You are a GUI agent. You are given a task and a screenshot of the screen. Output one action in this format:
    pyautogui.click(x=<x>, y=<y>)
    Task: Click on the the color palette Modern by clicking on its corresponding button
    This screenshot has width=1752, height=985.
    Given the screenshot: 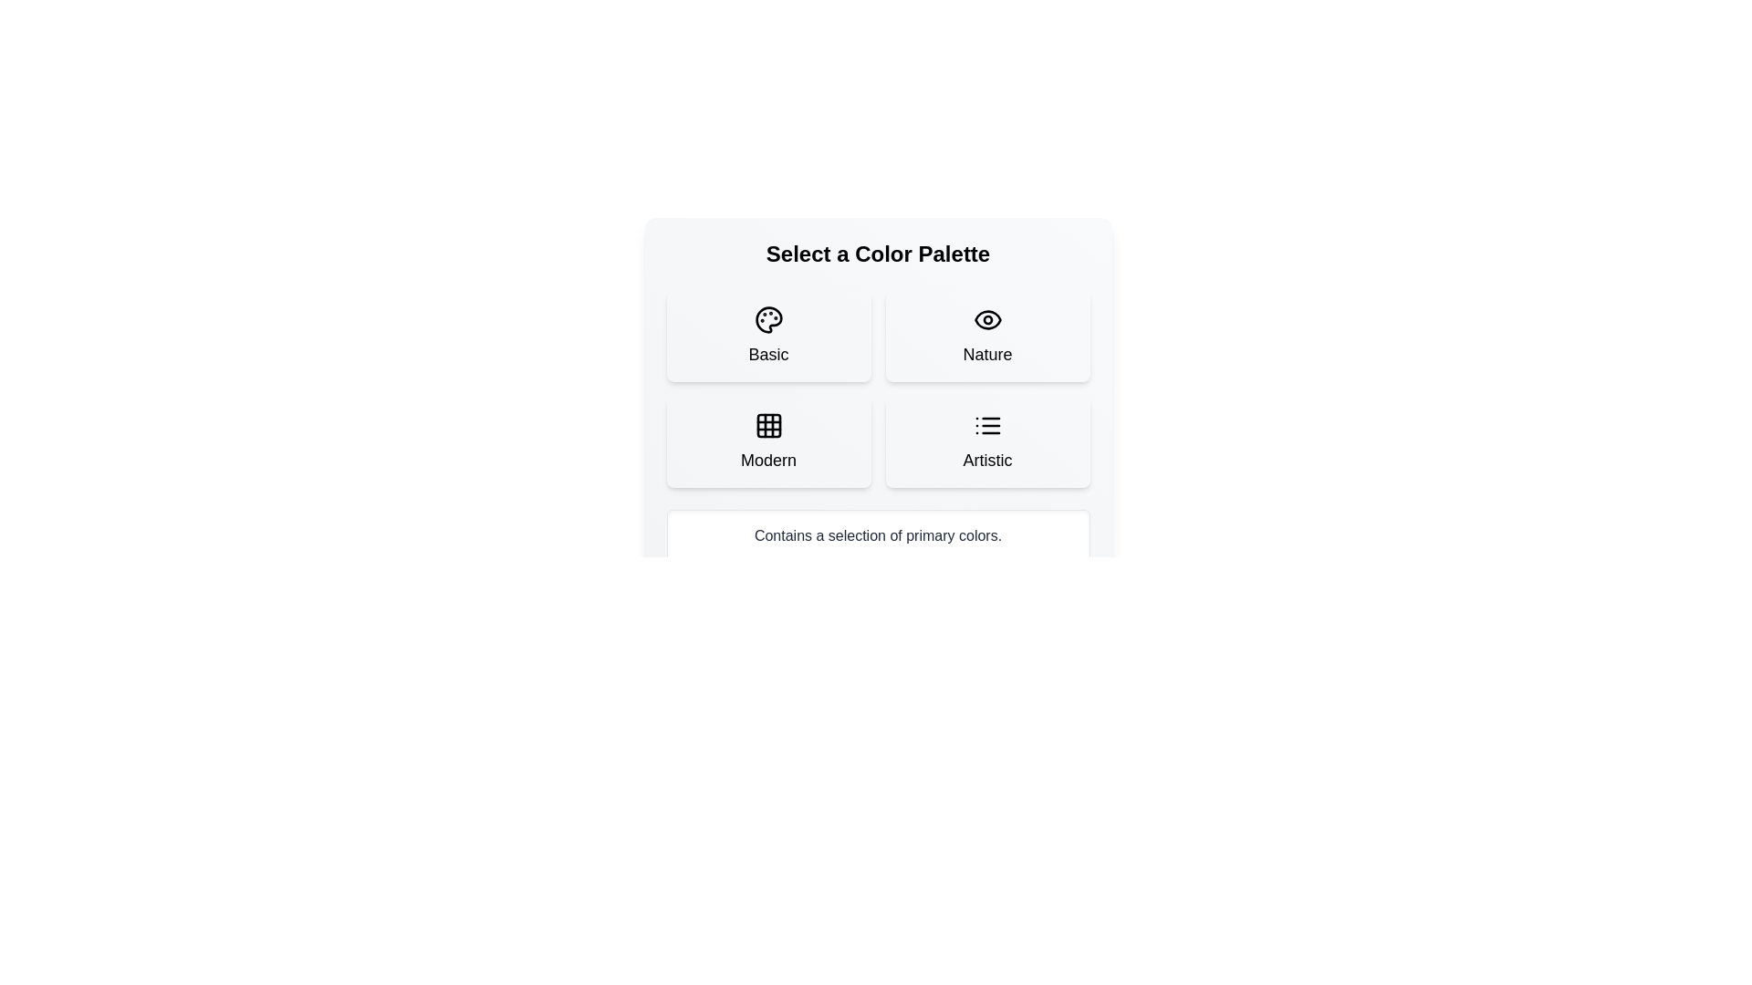 What is the action you would take?
    pyautogui.click(x=768, y=442)
    